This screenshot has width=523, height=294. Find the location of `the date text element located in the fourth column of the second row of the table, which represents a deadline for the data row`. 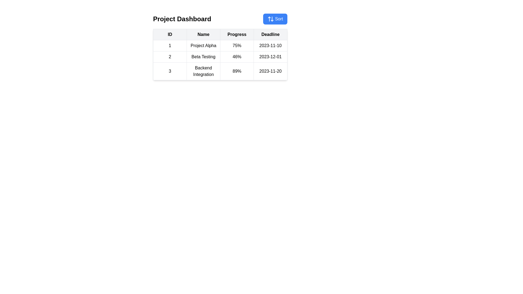

the date text element located in the fourth column of the second row of the table, which represents a deadline for the data row is located at coordinates (270, 57).